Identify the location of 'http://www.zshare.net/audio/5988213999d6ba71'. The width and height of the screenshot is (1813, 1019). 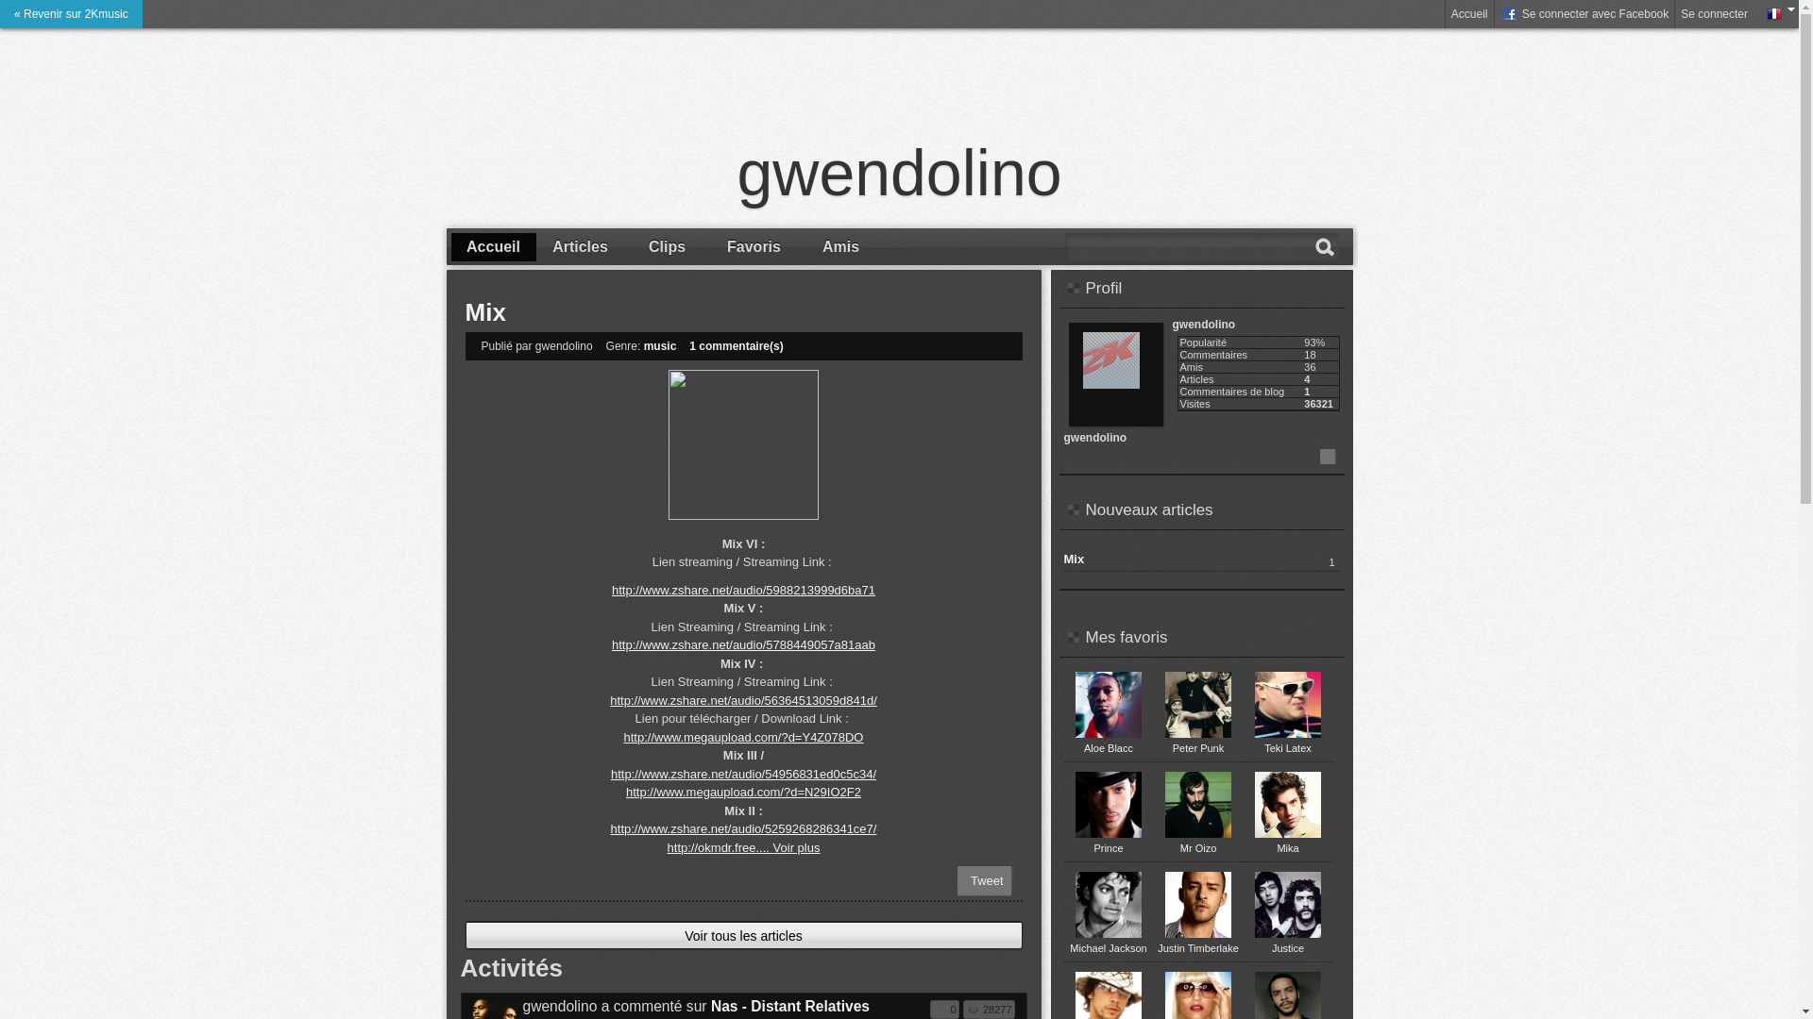
(742, 589).